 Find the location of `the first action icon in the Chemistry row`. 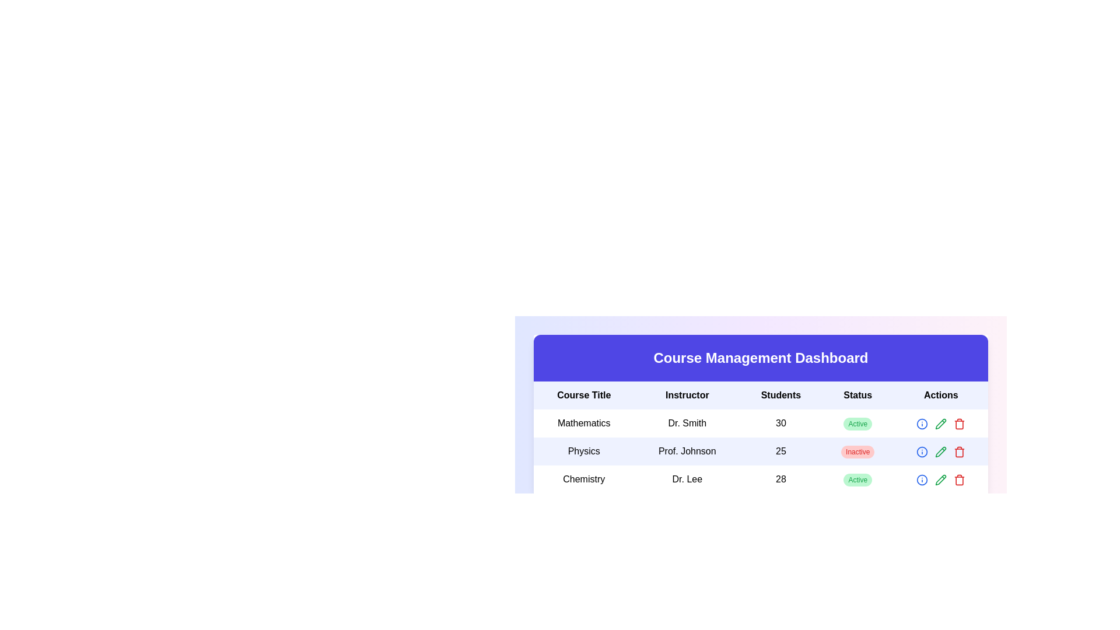

the first action icon in the Chemistry row is located at coordinates (922, 479).